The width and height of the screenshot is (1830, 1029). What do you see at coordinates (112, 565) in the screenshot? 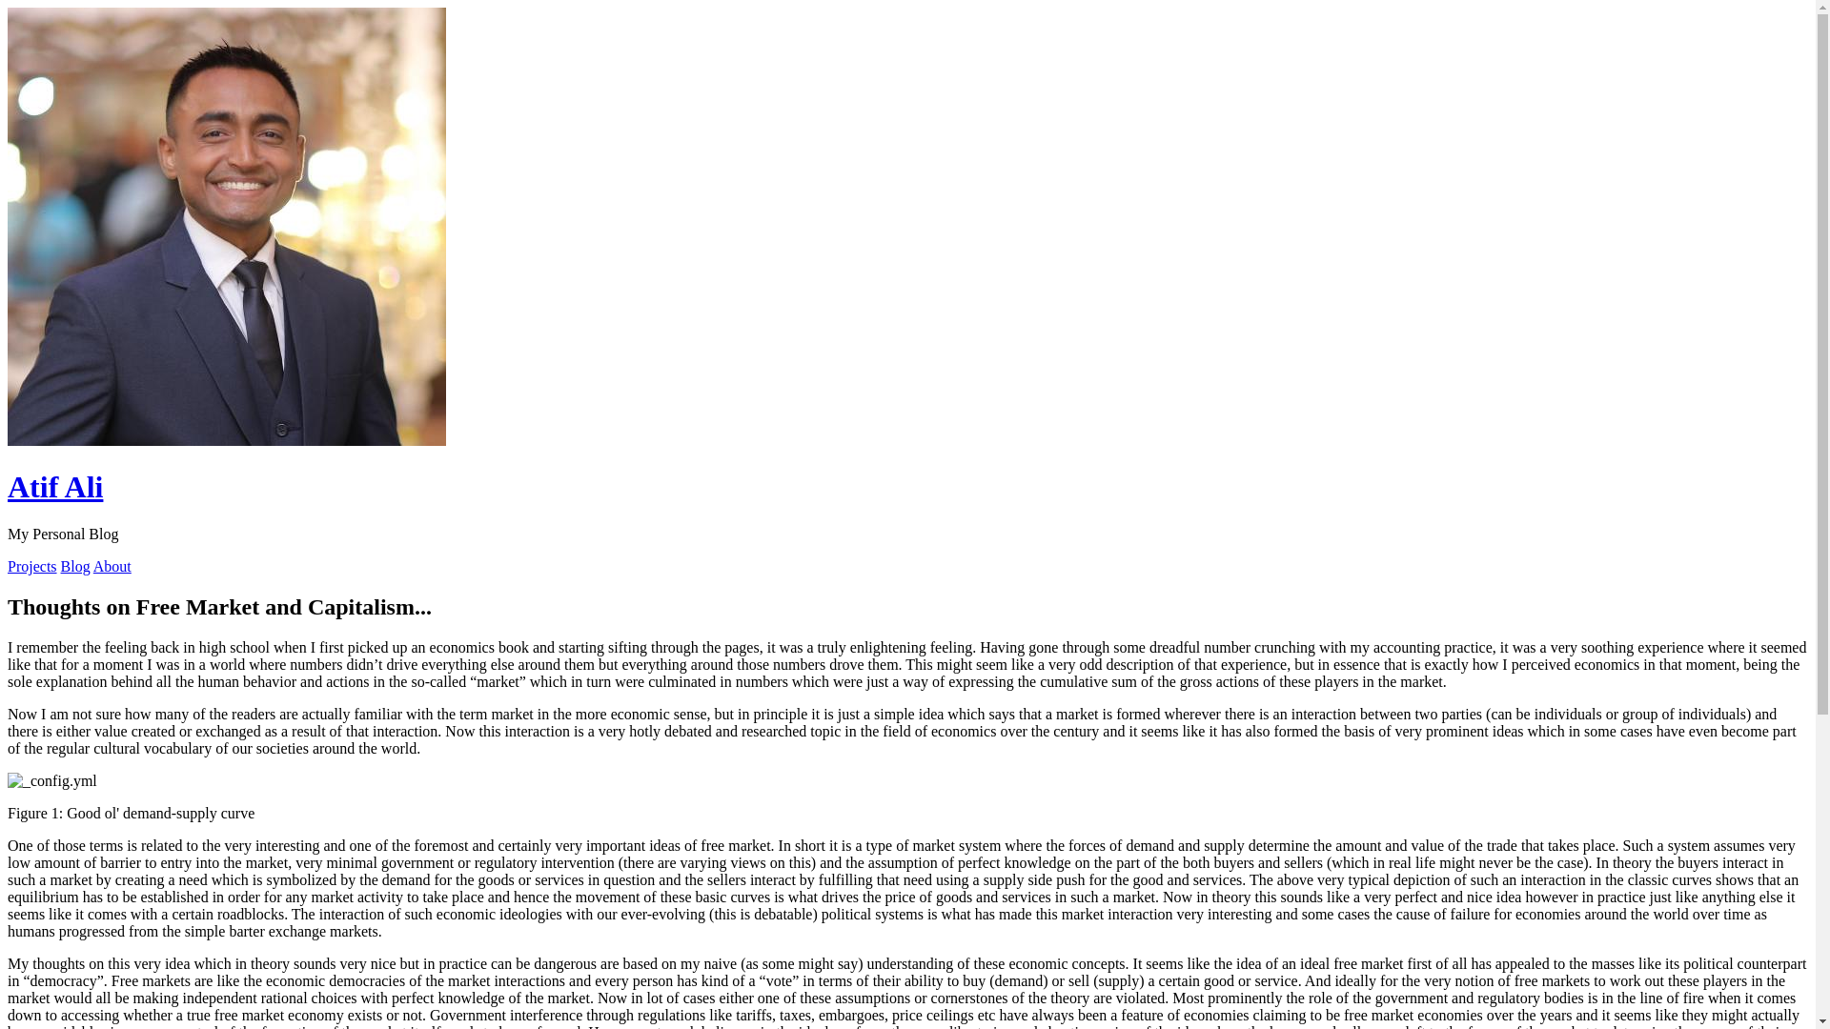
I see `'About'` at bounding box center [112, 565].